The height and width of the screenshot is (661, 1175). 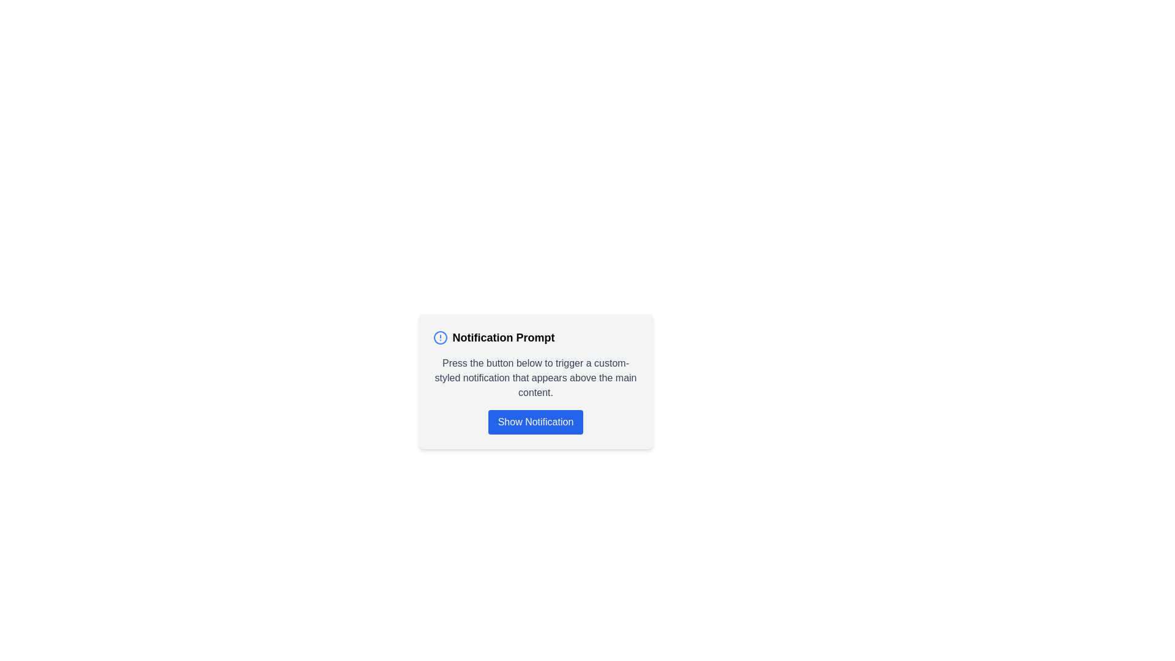 What do you see at coordinates (440, 337) in the screenshot?
I see `the decorative circular element of the alert icon located at the top-left of the notification card` at bounding box center [440, 337].